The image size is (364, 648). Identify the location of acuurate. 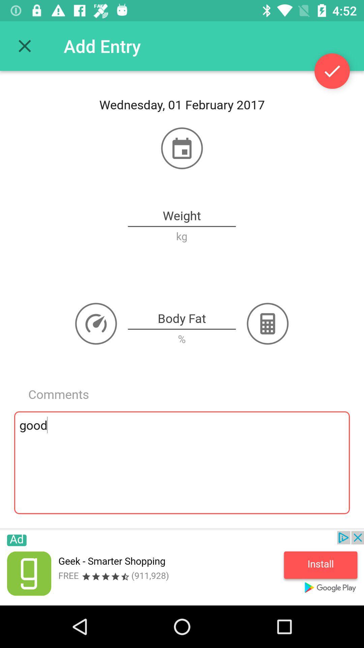
(332, 71).